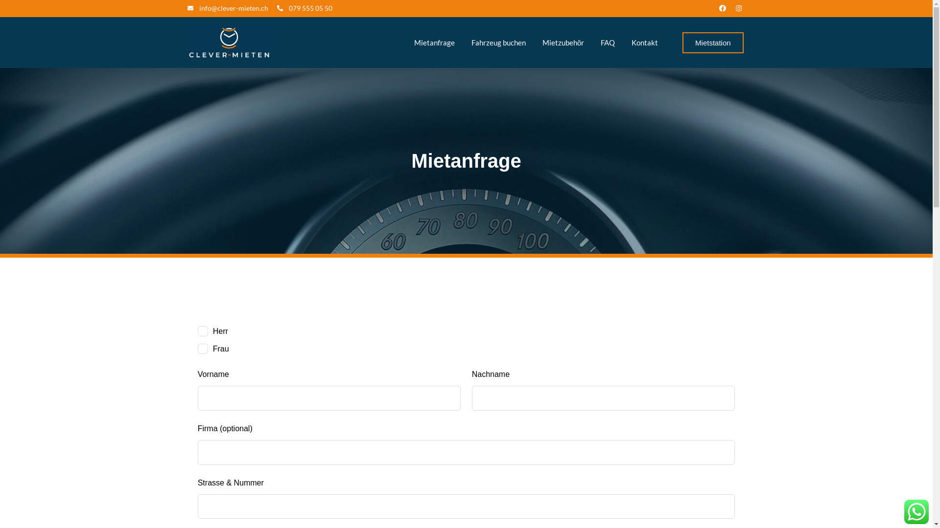  Describe the element at coordinates (464, 42) in the screenshot. I see `'Fahrzeug buchen'` at that location.